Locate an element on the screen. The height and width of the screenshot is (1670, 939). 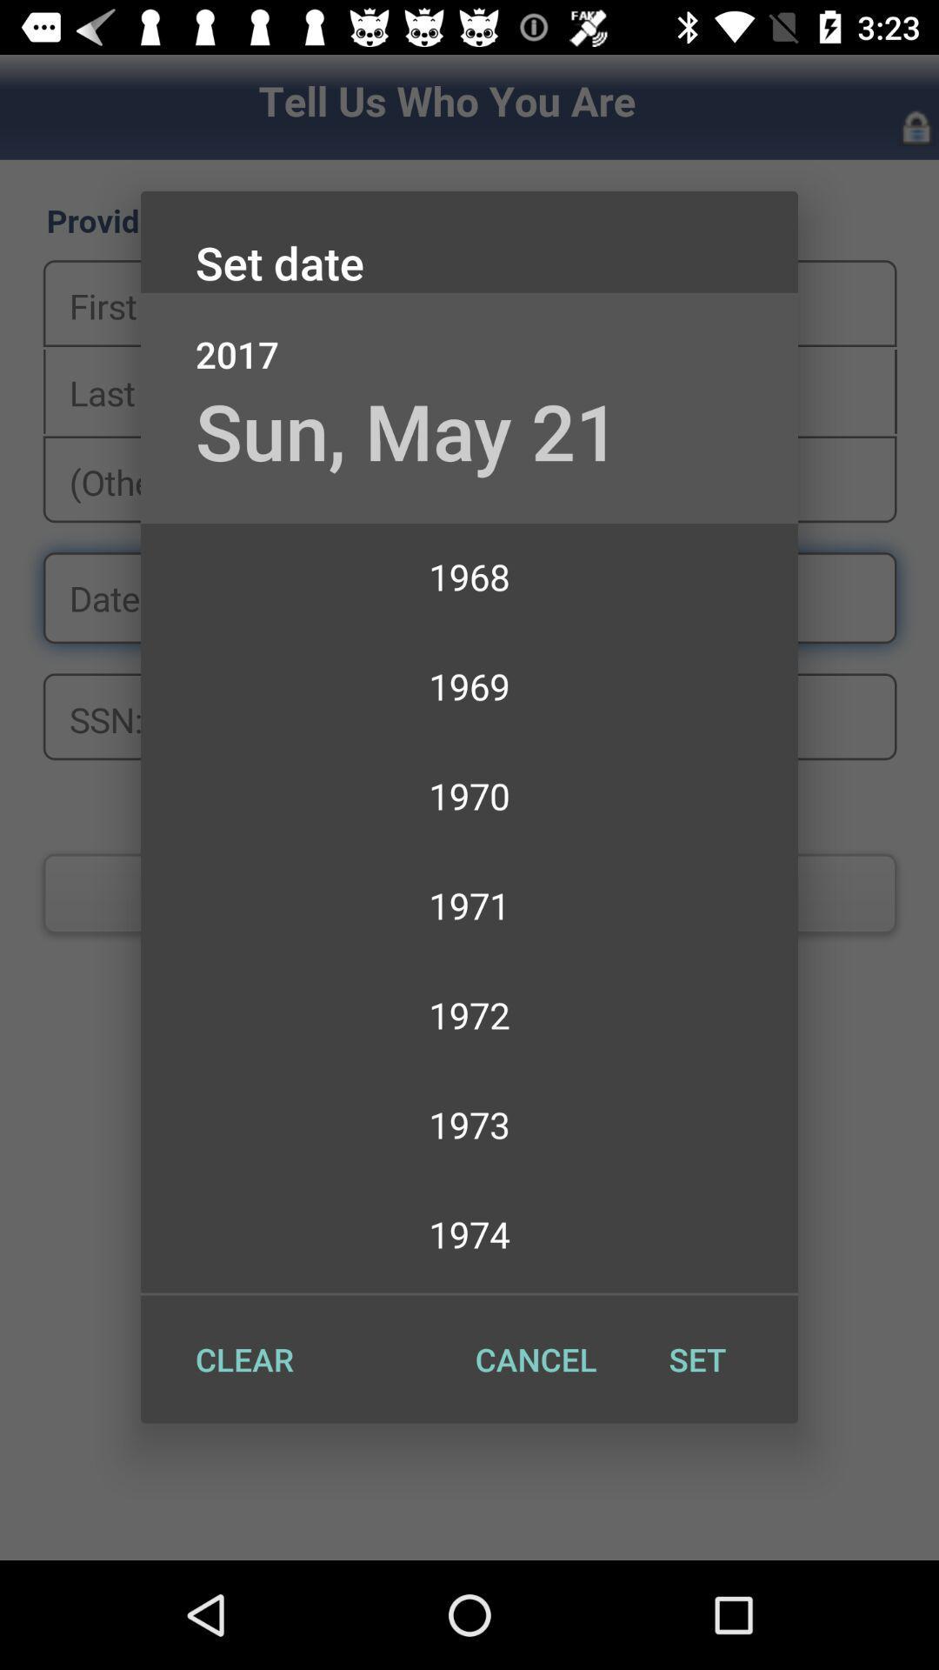
item at the bottom left corner is located at coordinates (244, 1359).